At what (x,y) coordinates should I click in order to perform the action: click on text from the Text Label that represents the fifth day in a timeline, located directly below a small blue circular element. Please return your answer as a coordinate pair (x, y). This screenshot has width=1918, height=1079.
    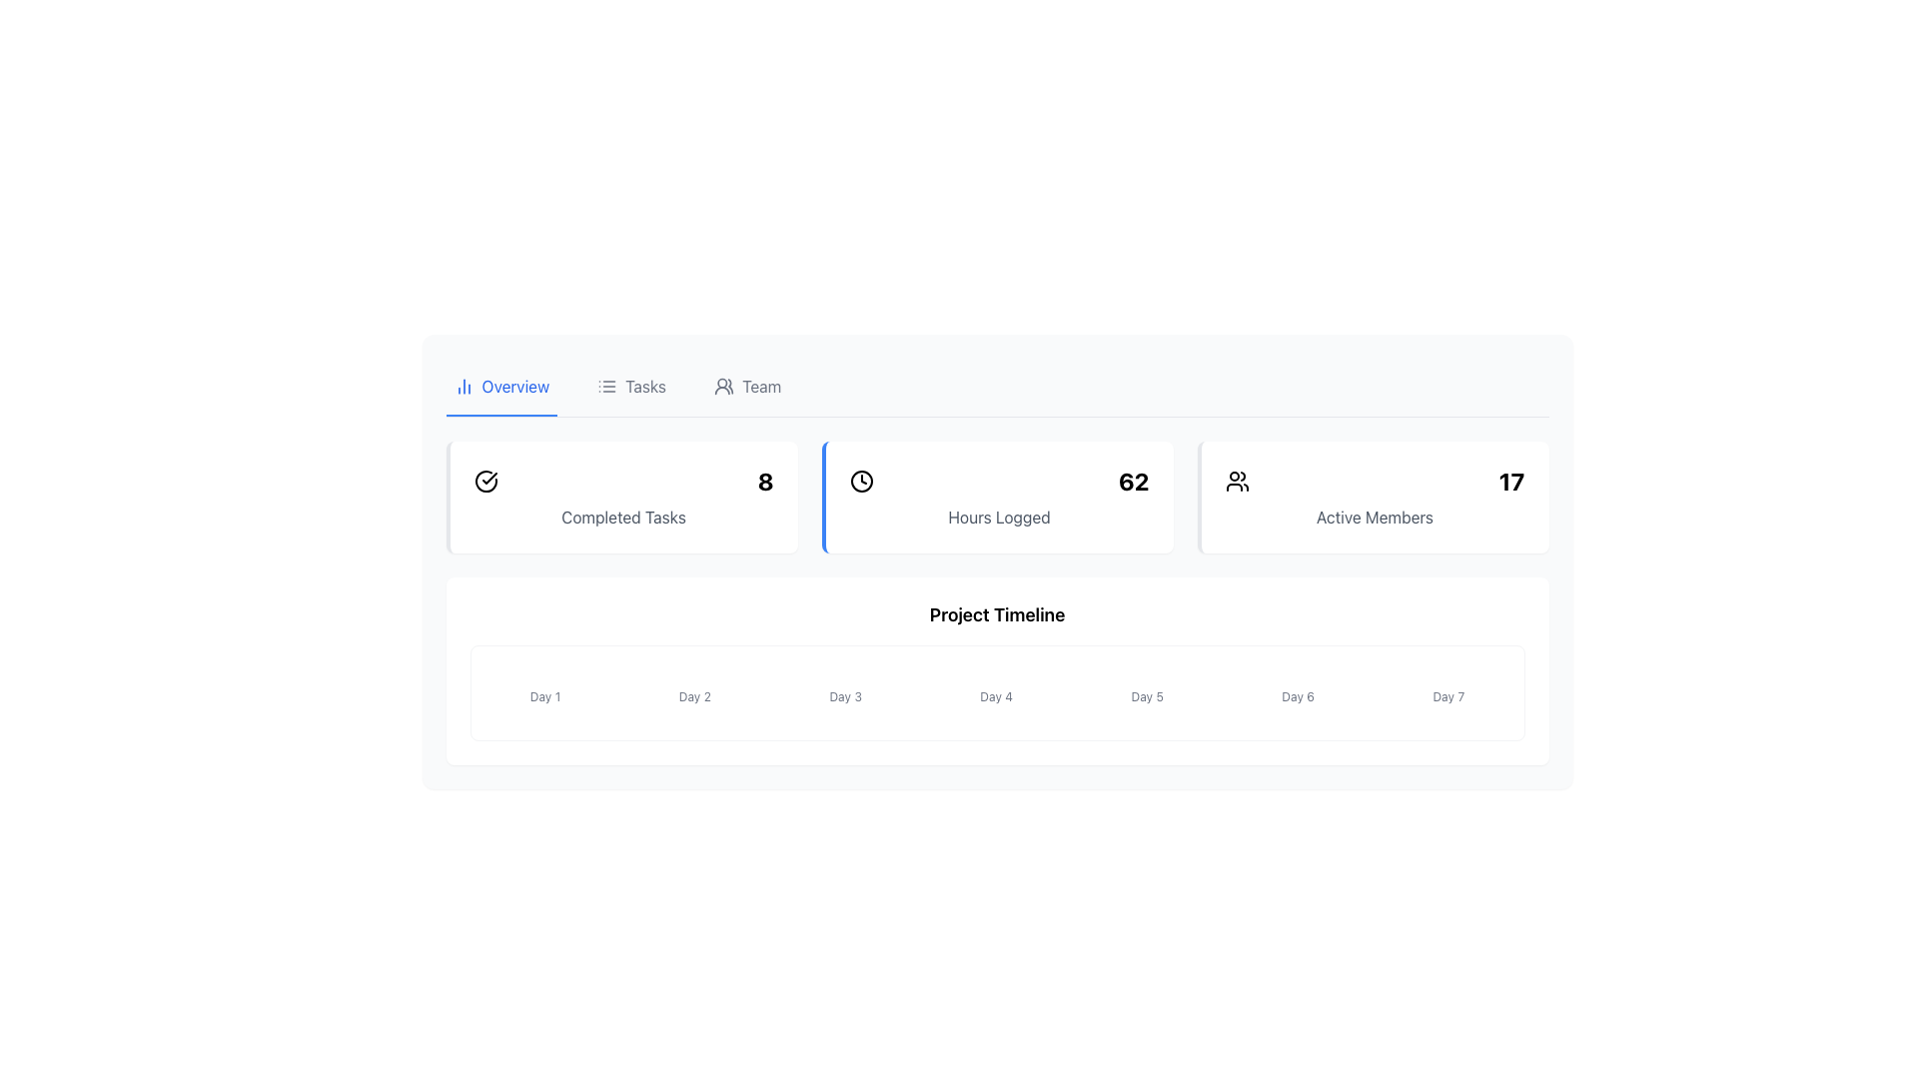
    Looking at the image, I should click on (1147, 696).